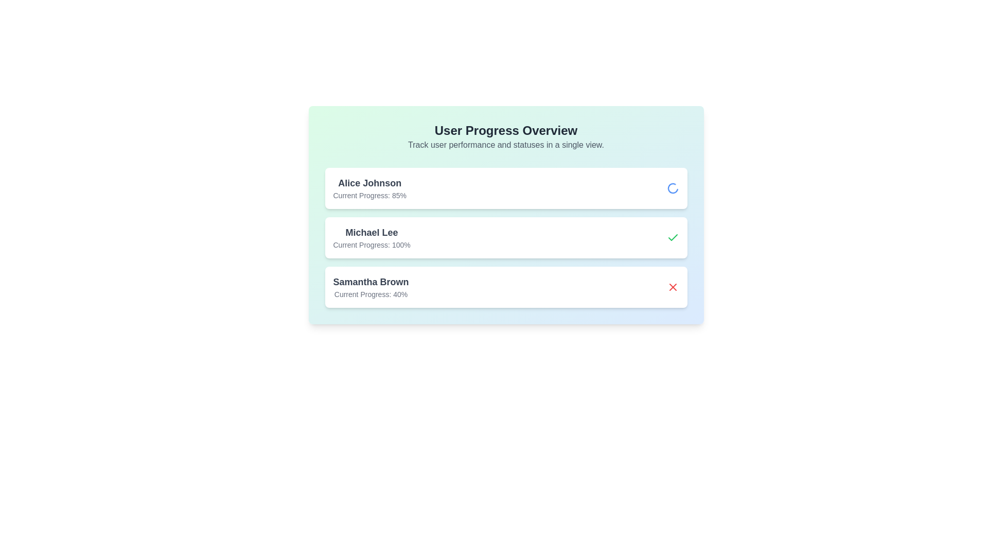  Describe the element at coordinates (370, 282) in the screenshot. I see `the text label identifying 'Samantha Brown'` at that location.